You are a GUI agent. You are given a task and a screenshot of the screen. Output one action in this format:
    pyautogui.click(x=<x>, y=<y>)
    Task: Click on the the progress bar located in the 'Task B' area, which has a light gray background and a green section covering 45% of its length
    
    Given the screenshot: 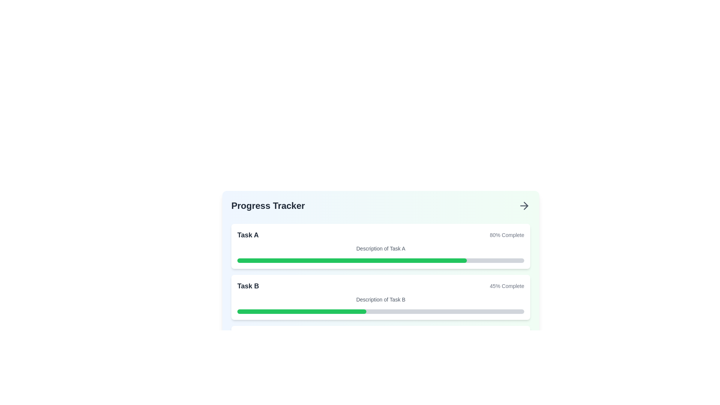 What is the action you would take?
    pyautogui.click(x=381, y=311)
    